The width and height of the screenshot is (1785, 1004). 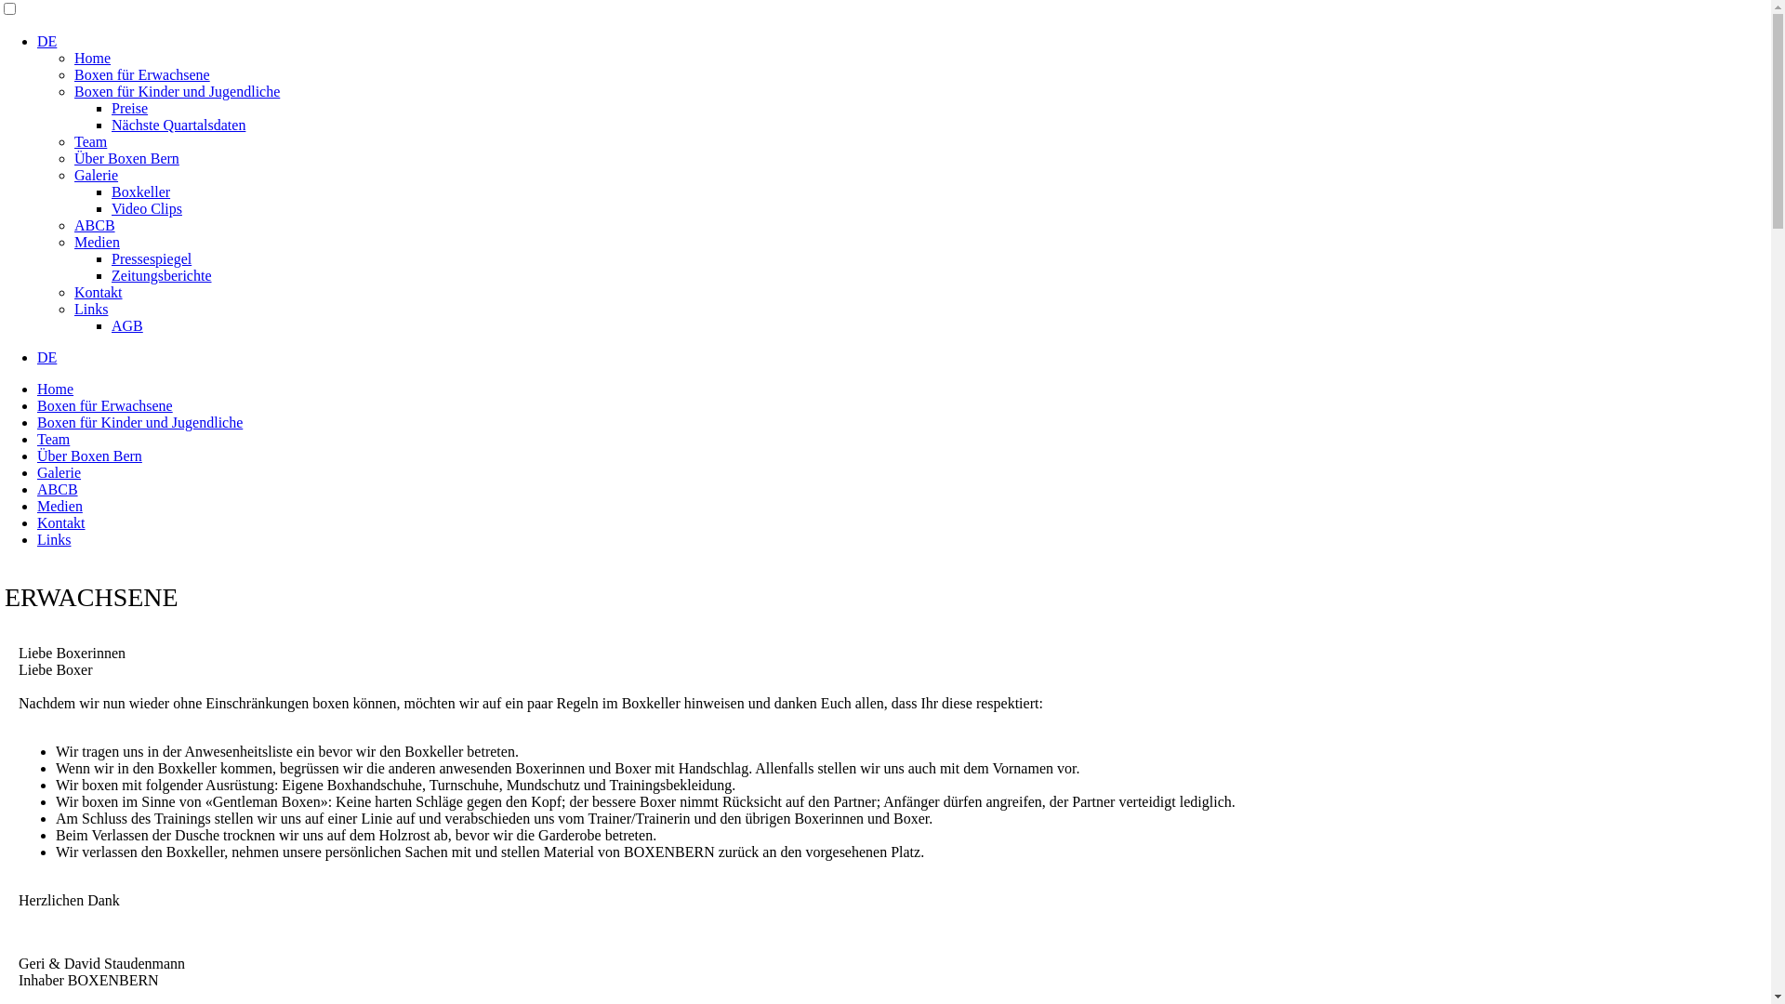 What do you see at coordinates (89, 308) in the screenshot?
I see `'Links'` at bounding box center [89, 308].